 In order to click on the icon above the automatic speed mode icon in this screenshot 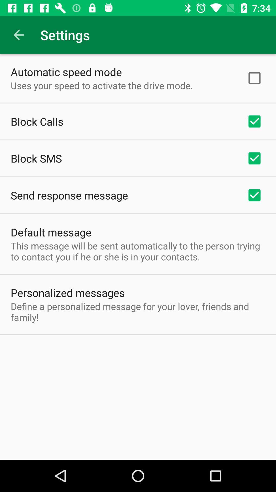, I will do `click(18, 35)`.